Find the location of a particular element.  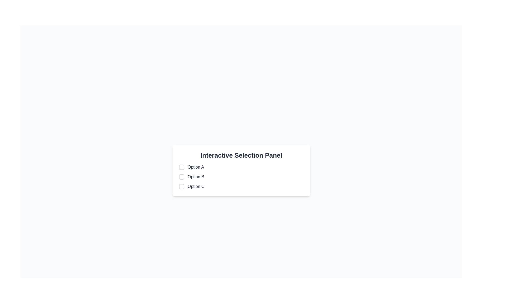

the text label located immediately to the right of the associated checkbox in the third row of the vertical list of selectable options is located at coordinates (196, 186).